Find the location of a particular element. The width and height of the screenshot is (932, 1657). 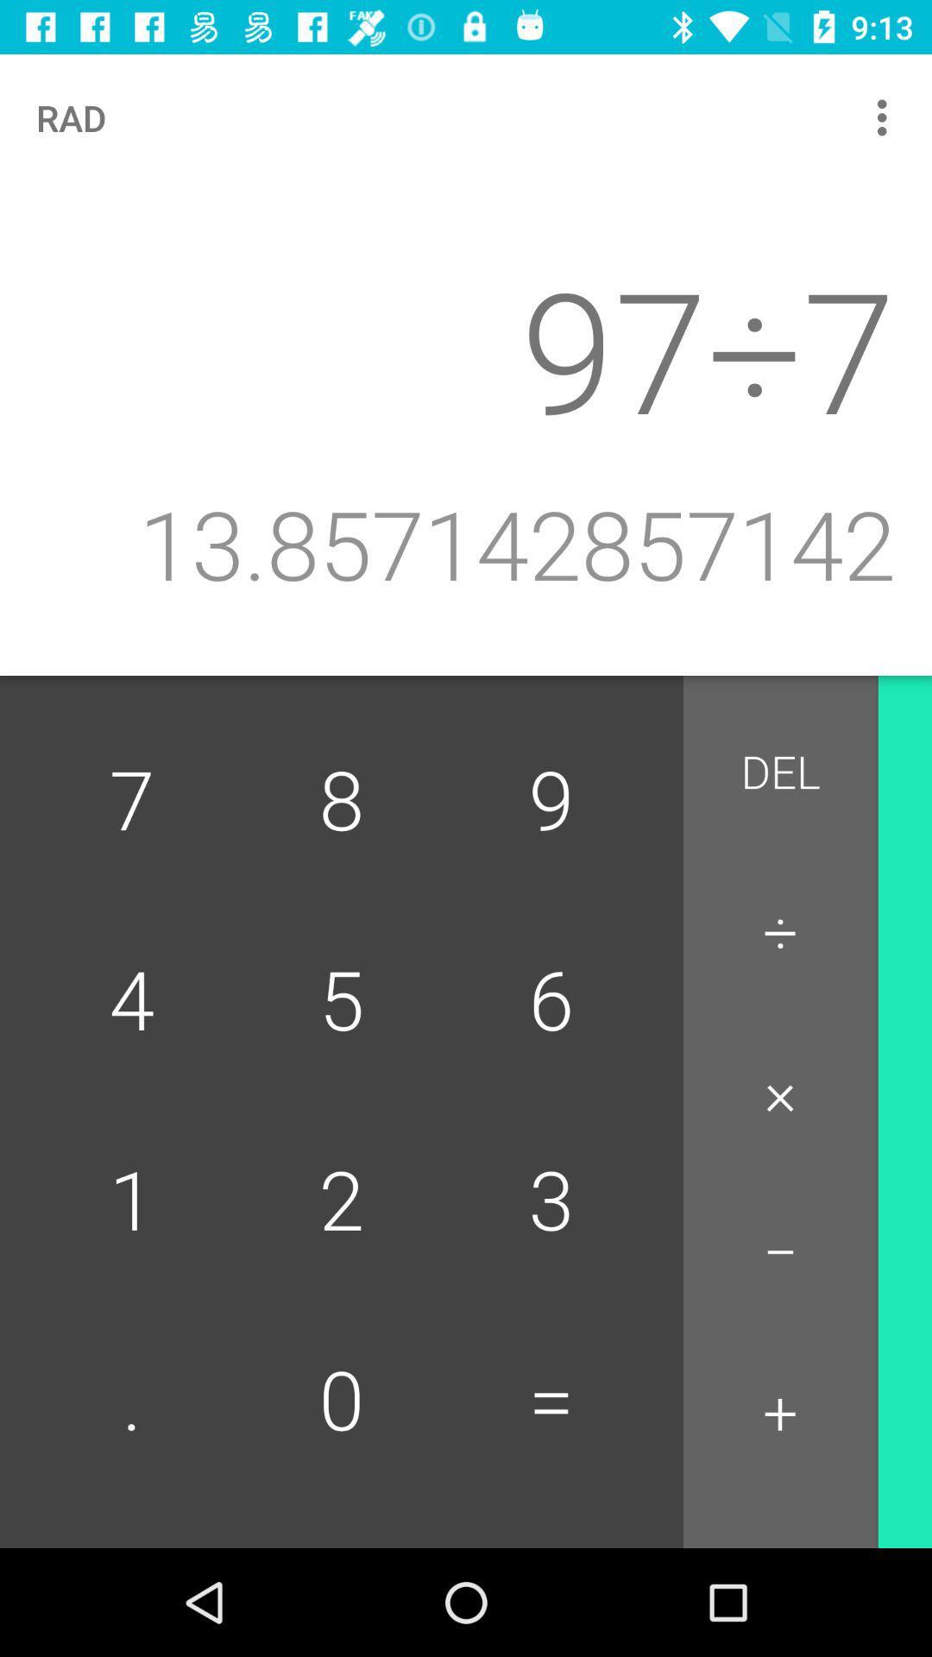

the icon to the right of the rad is located at coordinates (886, 117).